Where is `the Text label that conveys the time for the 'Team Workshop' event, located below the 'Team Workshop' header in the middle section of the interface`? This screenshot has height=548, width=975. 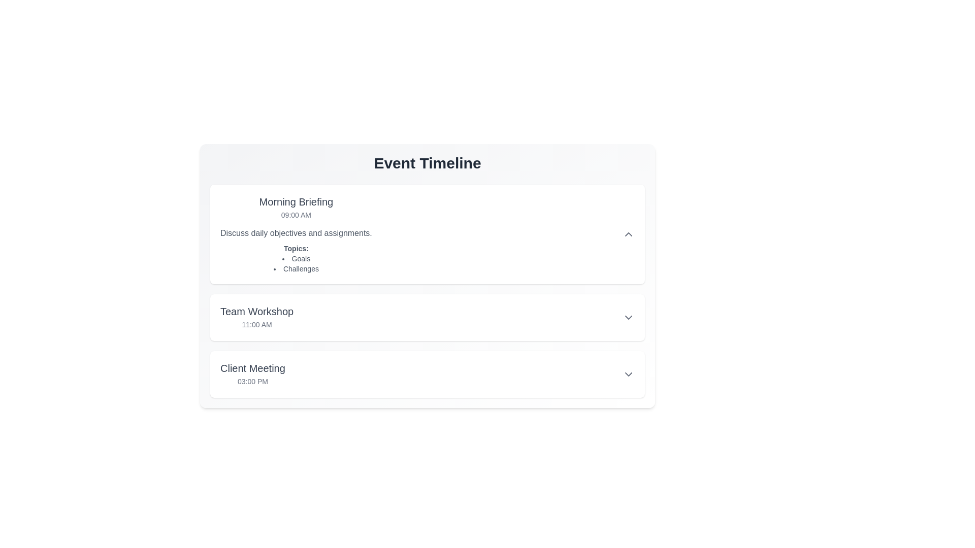 the Text label that conveys the time for the 'Team Workshop' event, located below the 'Team Workshop' header in the middle section of the interface is located at coordinates (257, 325).